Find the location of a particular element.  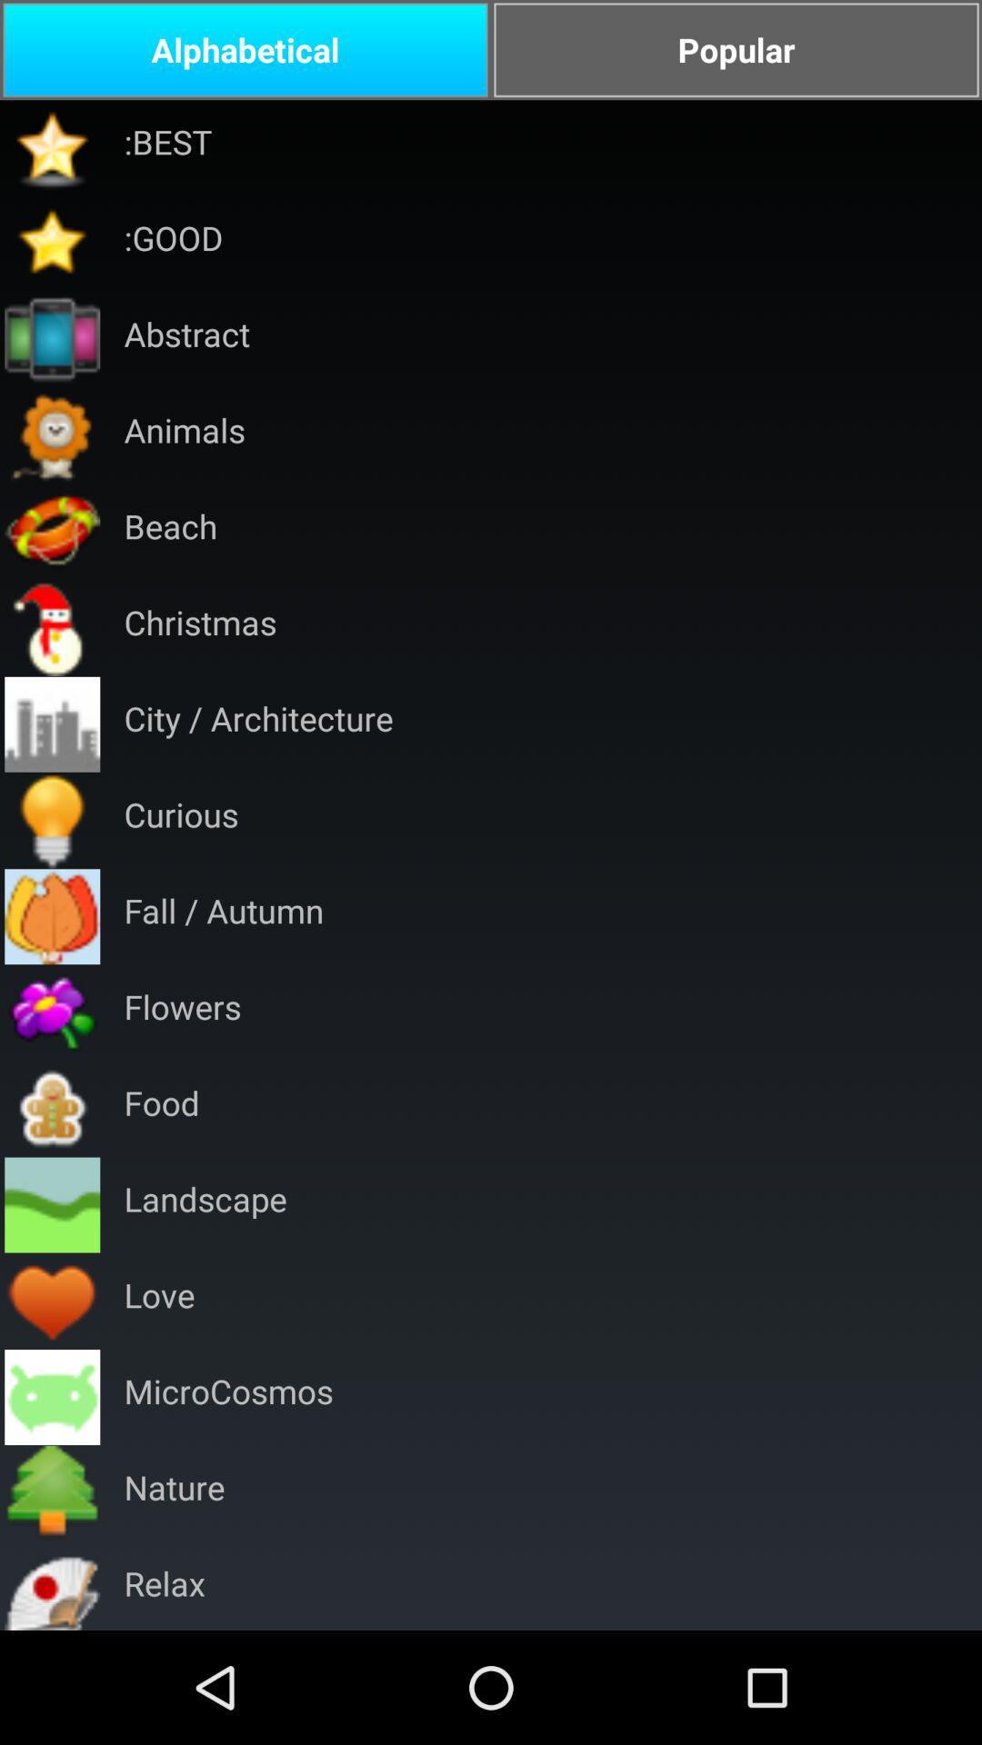

the relax item is located at coordinates (165, 1585).